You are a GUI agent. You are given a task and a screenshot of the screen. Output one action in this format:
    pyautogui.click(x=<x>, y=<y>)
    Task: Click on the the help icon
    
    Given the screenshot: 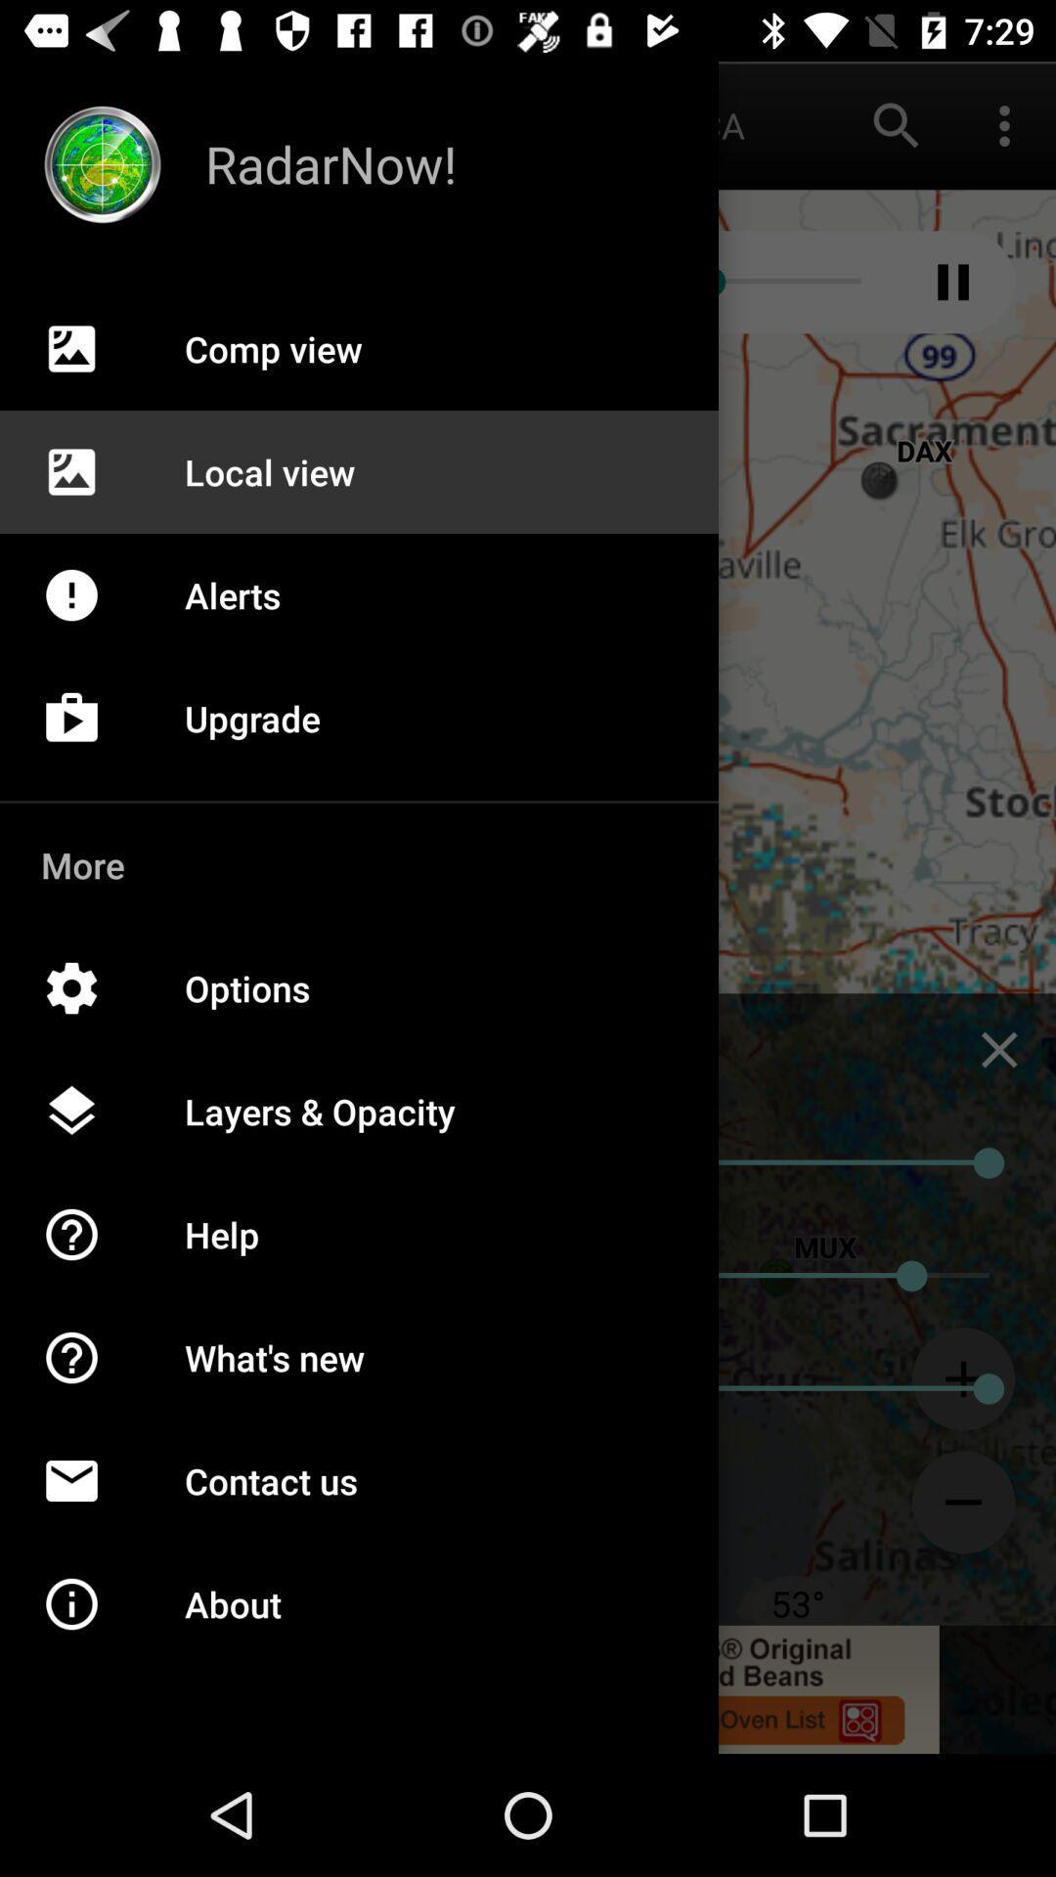 What is the action you would take?
    pyautogui.click(x=92, y=1377)
    